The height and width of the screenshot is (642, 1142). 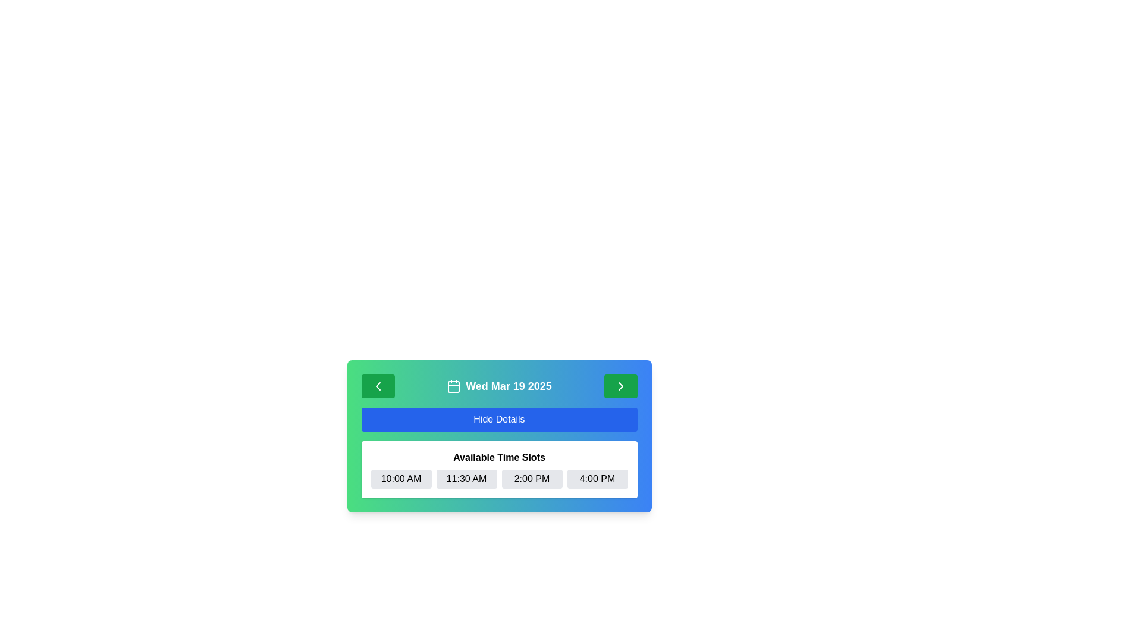 What do you see at coordinates (620, 386) in the screenshot?
I see `the small green circular button located in the top-right corner of the interface` at bounding box center [620, 386].